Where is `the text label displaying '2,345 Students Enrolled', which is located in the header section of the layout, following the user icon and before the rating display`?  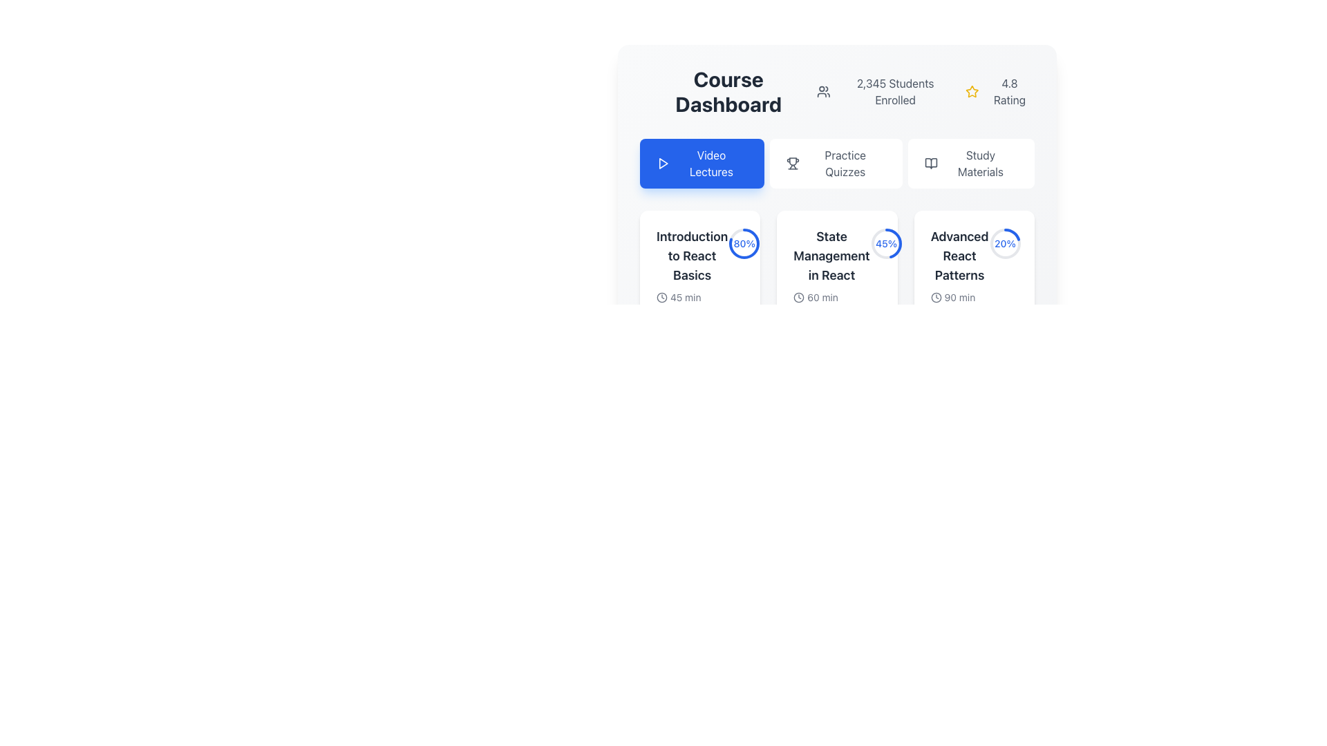
the text label displaying '2,345 Students Enrolled', which is located in the header section of the layout, following the user icon and before the rating display is located at coordinates (895, 91).